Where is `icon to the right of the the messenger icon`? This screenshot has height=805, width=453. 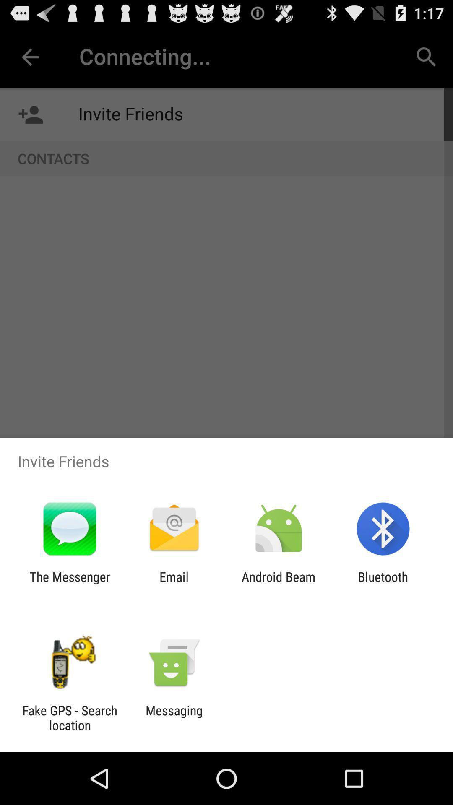 icon to the right of the the messenger icon is located at coordinates (174, 584).